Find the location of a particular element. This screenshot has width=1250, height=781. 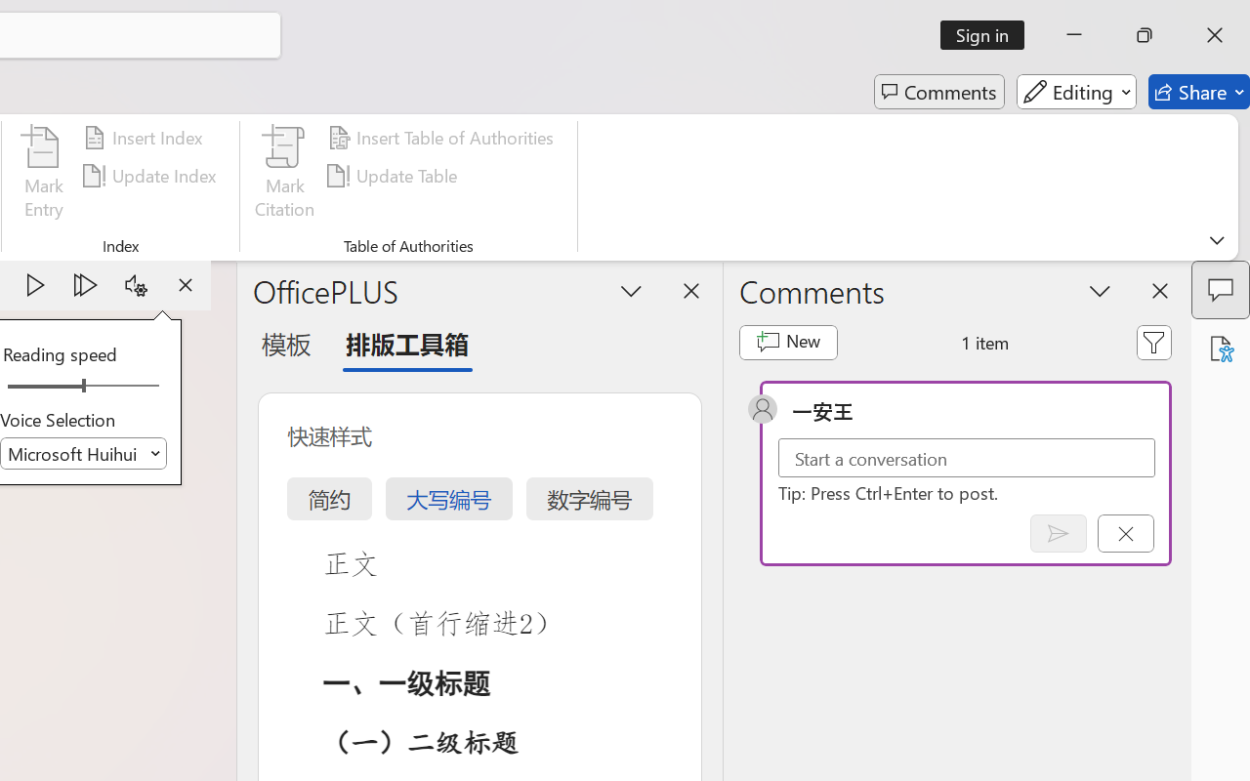

'Sign in' is located at coordinates (989, 34).